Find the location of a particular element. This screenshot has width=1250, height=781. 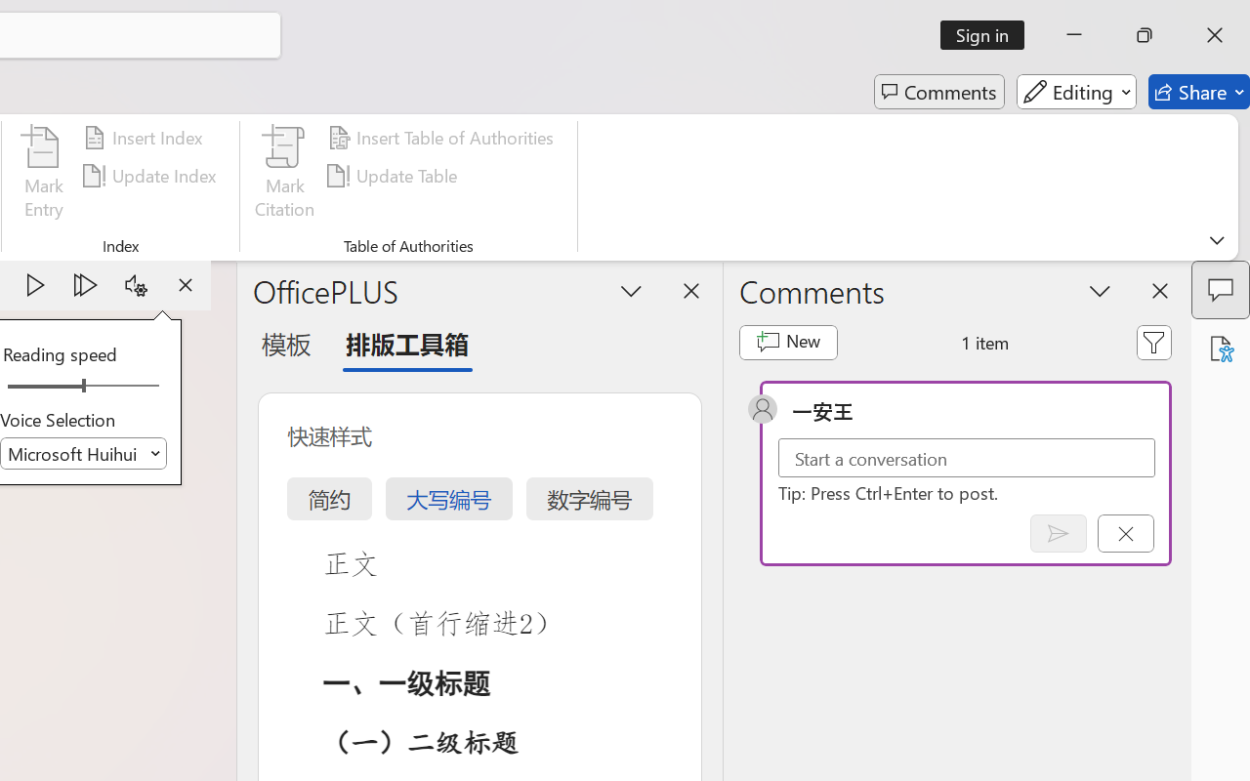

'Sign in' is located at coordinates (989, 34).